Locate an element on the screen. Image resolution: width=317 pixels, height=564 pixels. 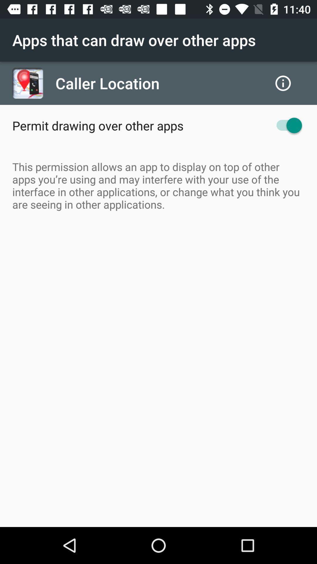
item above this permission allows is located at coordinates (286, 125).